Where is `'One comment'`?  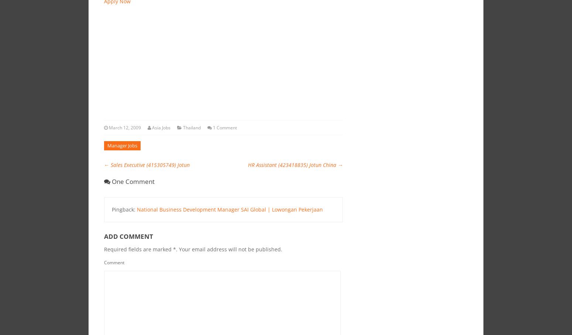 'One comment' is located at coordinates (132, 181).